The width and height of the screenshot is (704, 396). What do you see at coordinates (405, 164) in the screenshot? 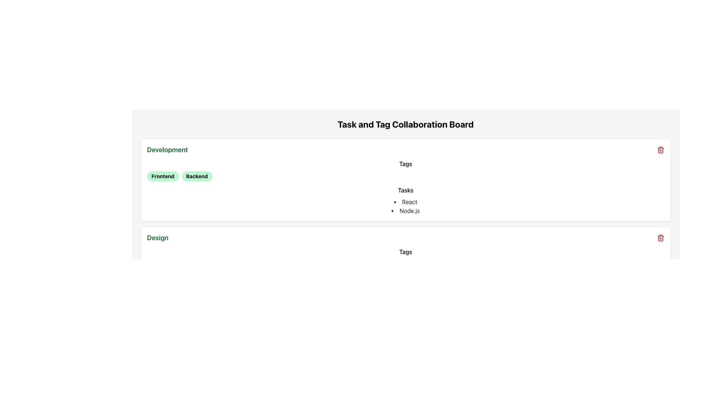
I see `the text label displaying 'Tags', which is centrally aligned in the Development section above the tag buttons 'Frontend' and 'Backend'` at bounding box center [405, 164].